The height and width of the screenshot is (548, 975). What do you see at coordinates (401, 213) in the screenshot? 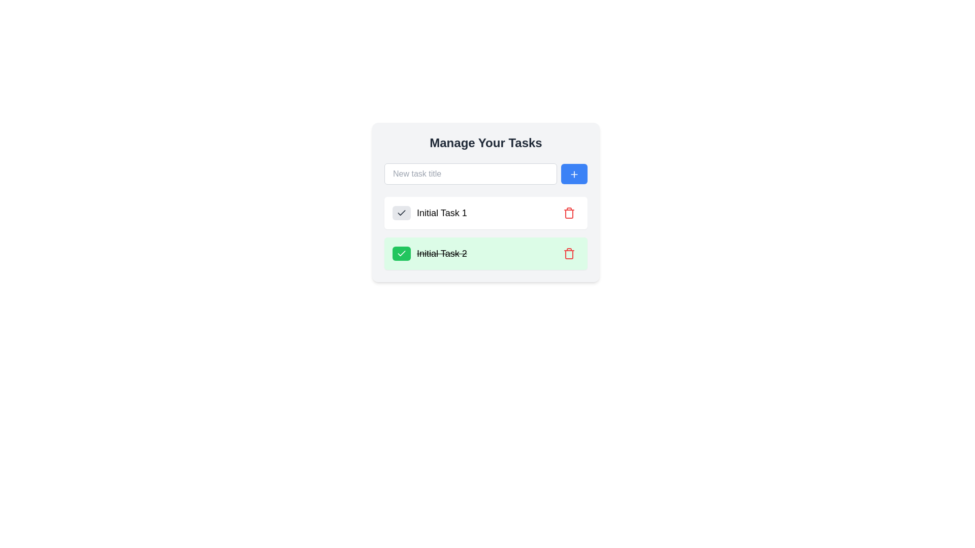
I see `the completion status icon for 'Initial Task 2', which is located within a green background box, positioned left of the text 'Initial Task 2'` at bounding box center [401, 213].